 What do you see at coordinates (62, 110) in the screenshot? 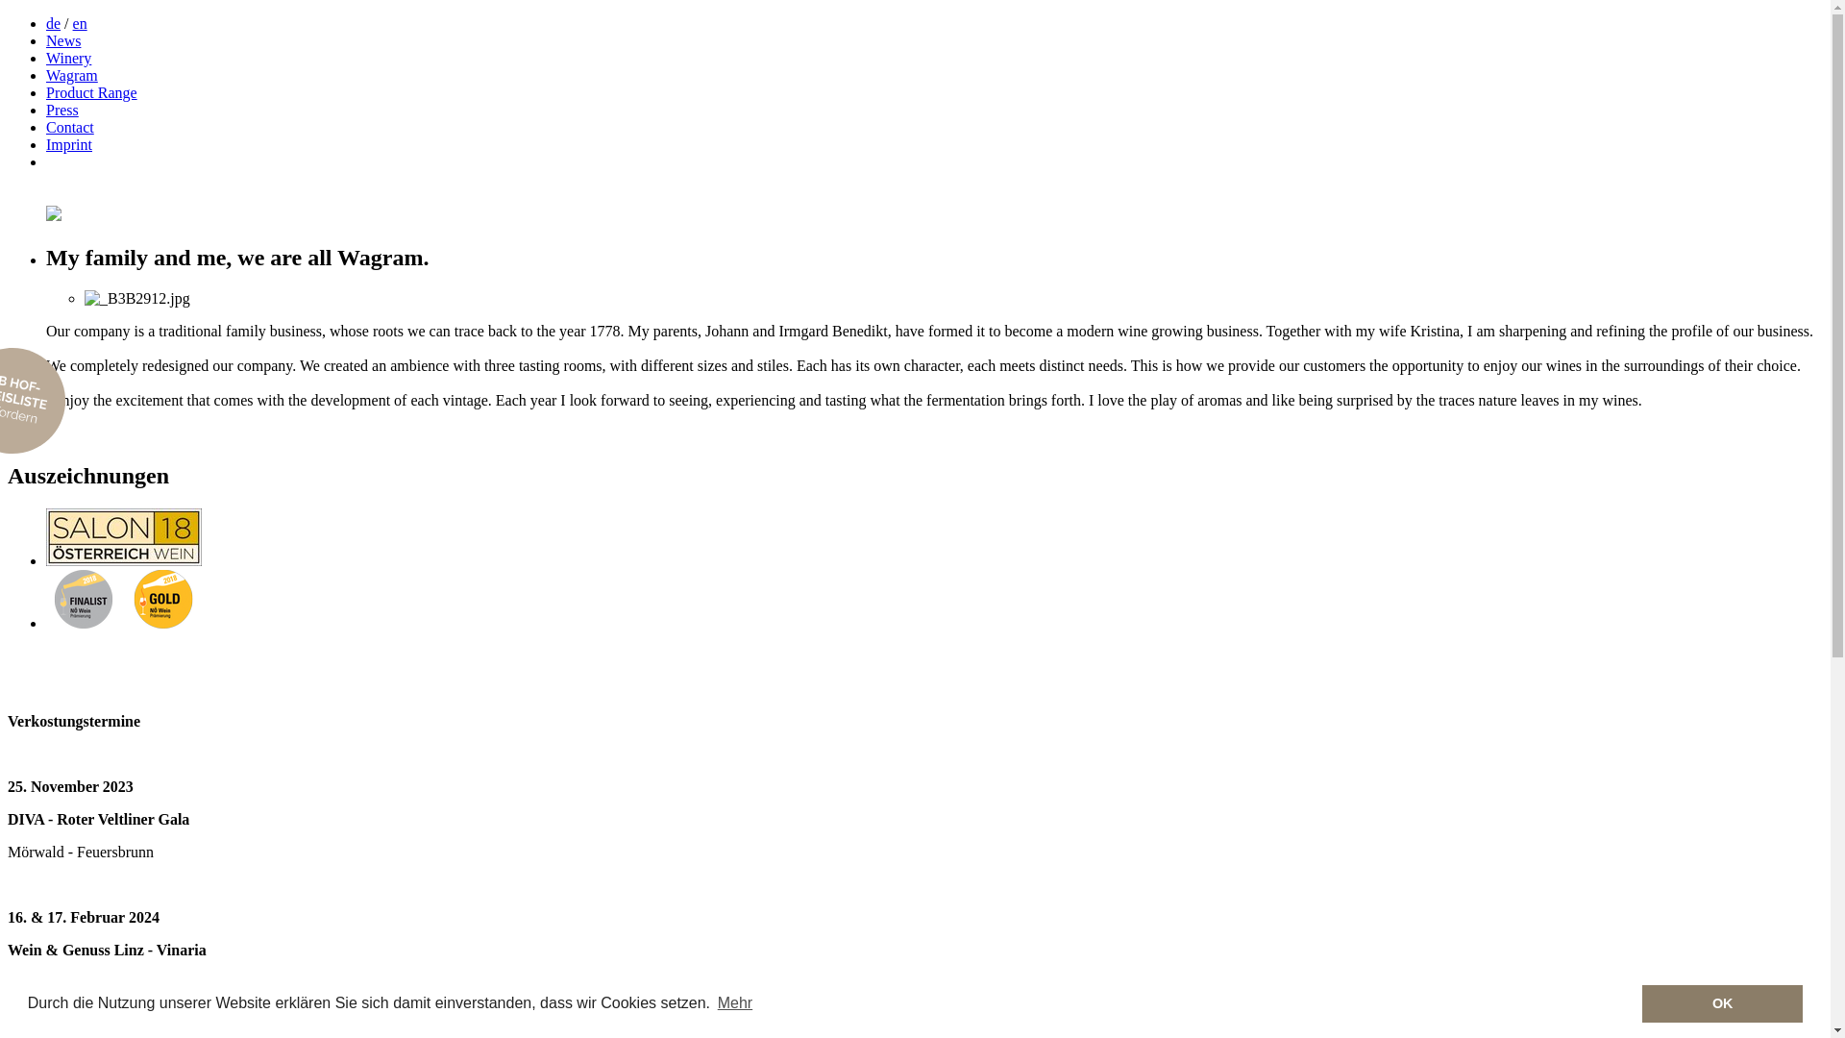
I see `'Press'` at bounding box center [62, 110].